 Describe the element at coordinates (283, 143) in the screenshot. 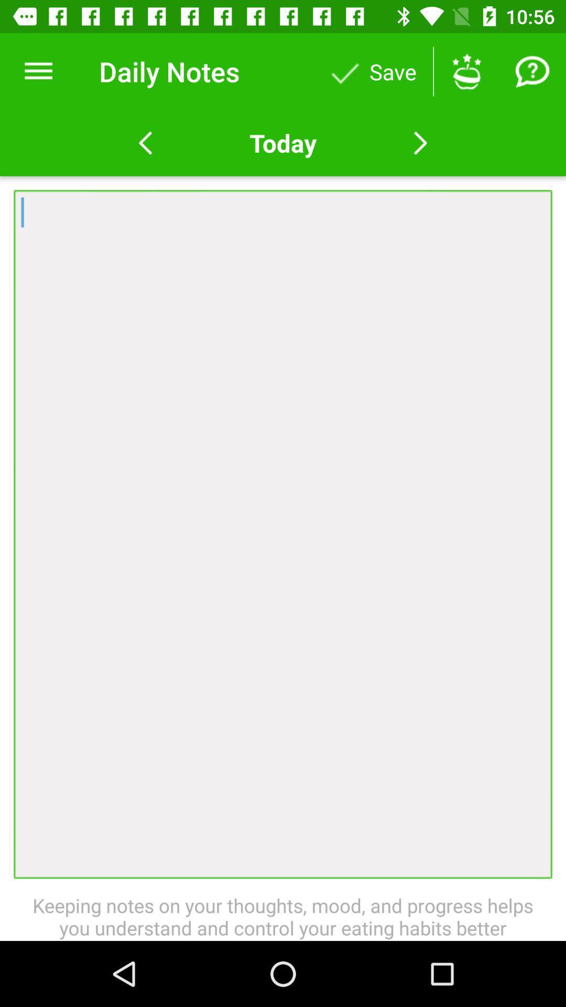

I see `item below the daily notes` at that location.